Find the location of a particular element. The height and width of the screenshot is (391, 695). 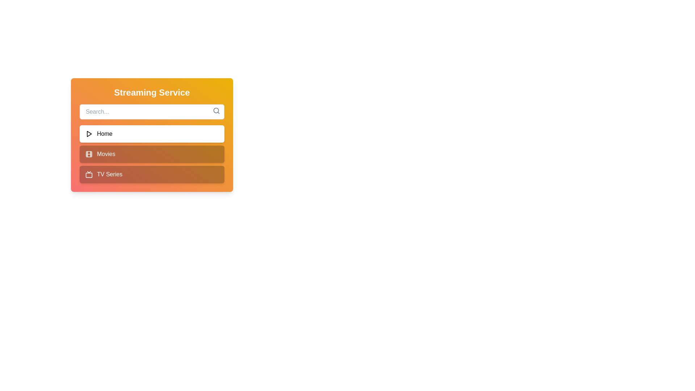

the Home button, which is the first option in a vertical list of buttons (Home, Movies, TV Series) located below a search bar and above the Movies button is located at coordinates (152, 135).